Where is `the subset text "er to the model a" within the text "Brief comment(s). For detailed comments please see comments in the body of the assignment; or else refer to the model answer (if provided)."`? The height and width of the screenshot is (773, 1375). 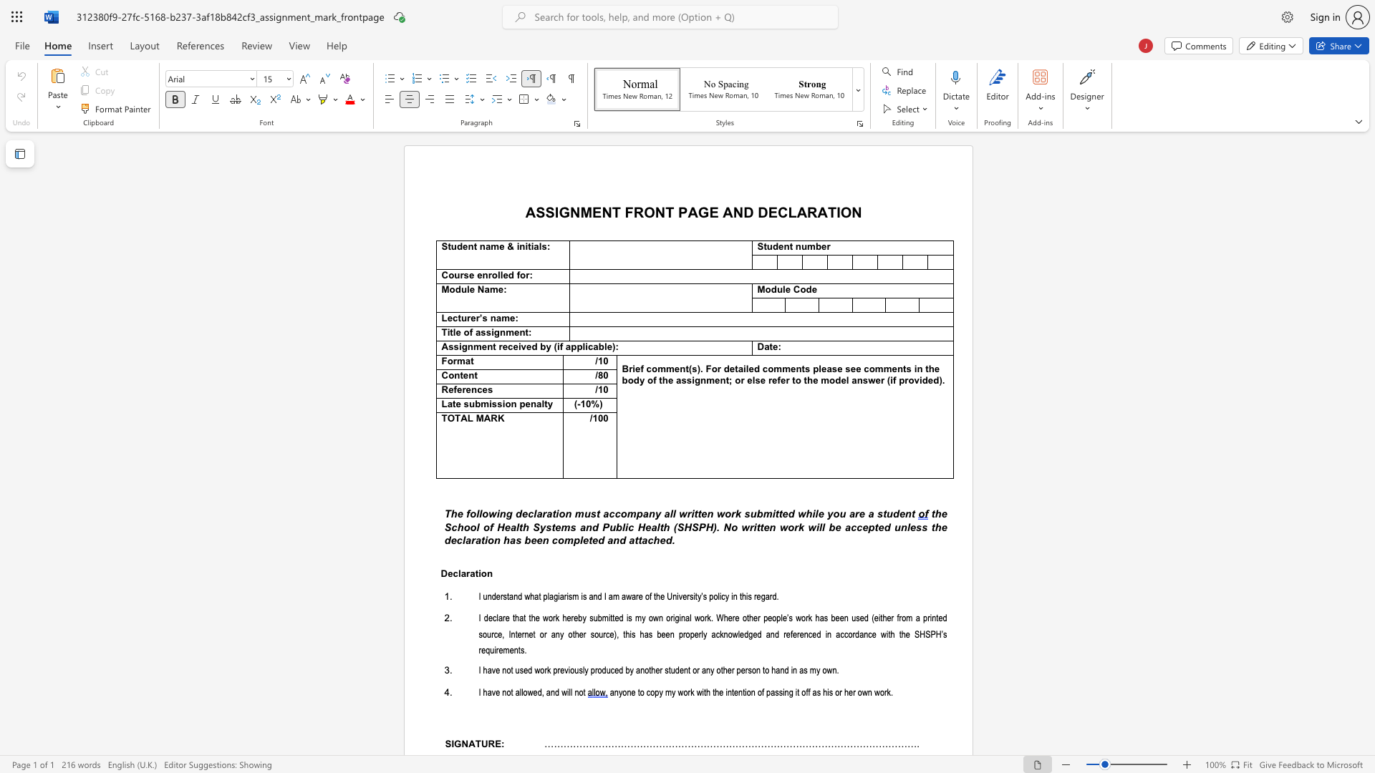 the subset text "er to the model a" within the text "Brief comment(s). For detailed comments please see comments in the body of the assignment; or else refer to the model answer (if provided)." is located at coordinates (779, 379).